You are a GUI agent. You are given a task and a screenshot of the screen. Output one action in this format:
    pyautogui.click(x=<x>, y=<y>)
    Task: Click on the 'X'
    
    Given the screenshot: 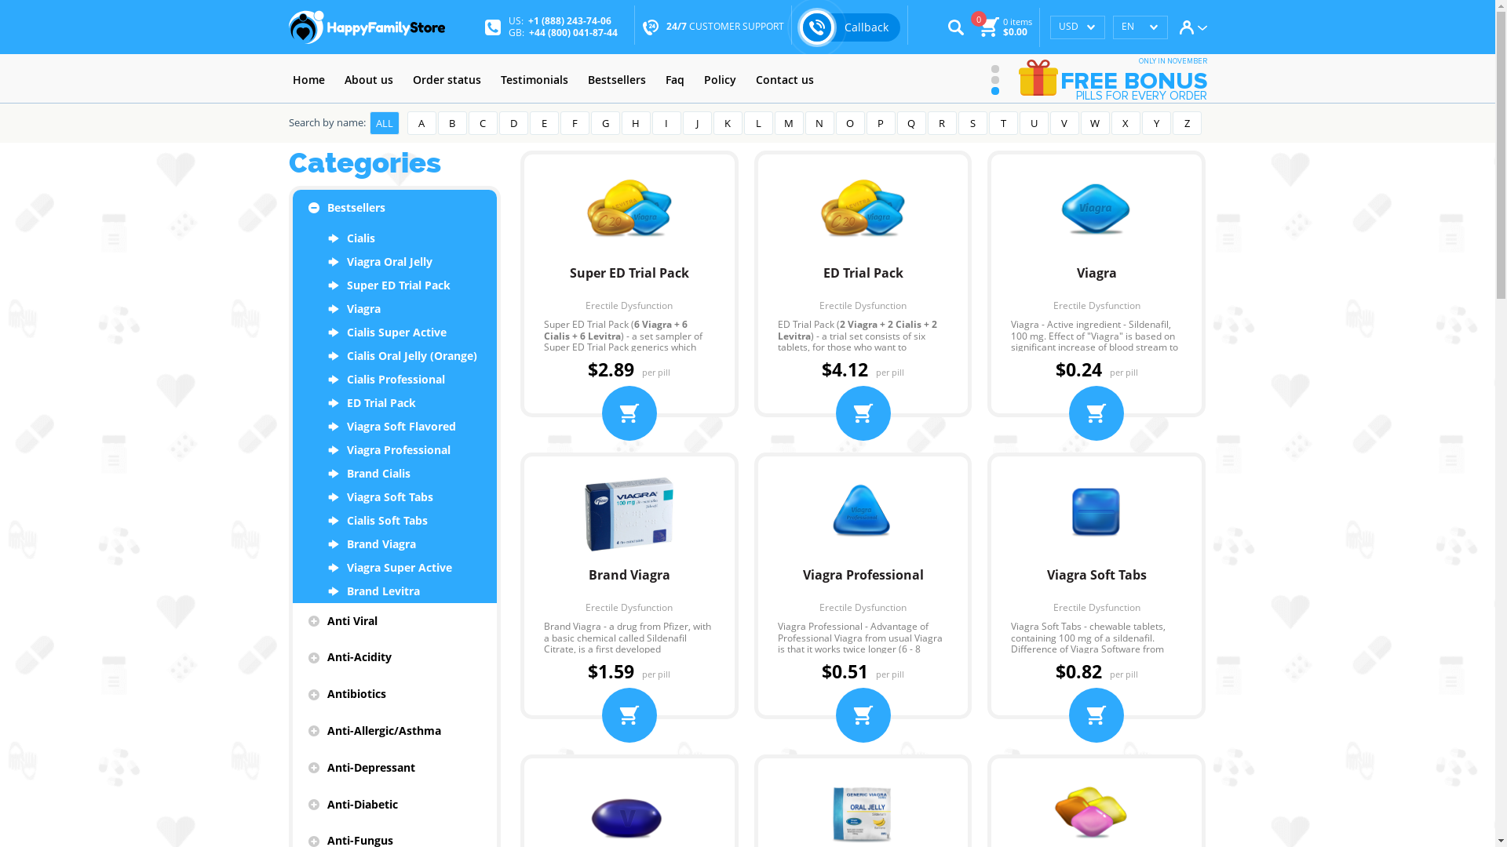 What is the action you would take?
    pyautogui.click(x=1125, y=122)
    